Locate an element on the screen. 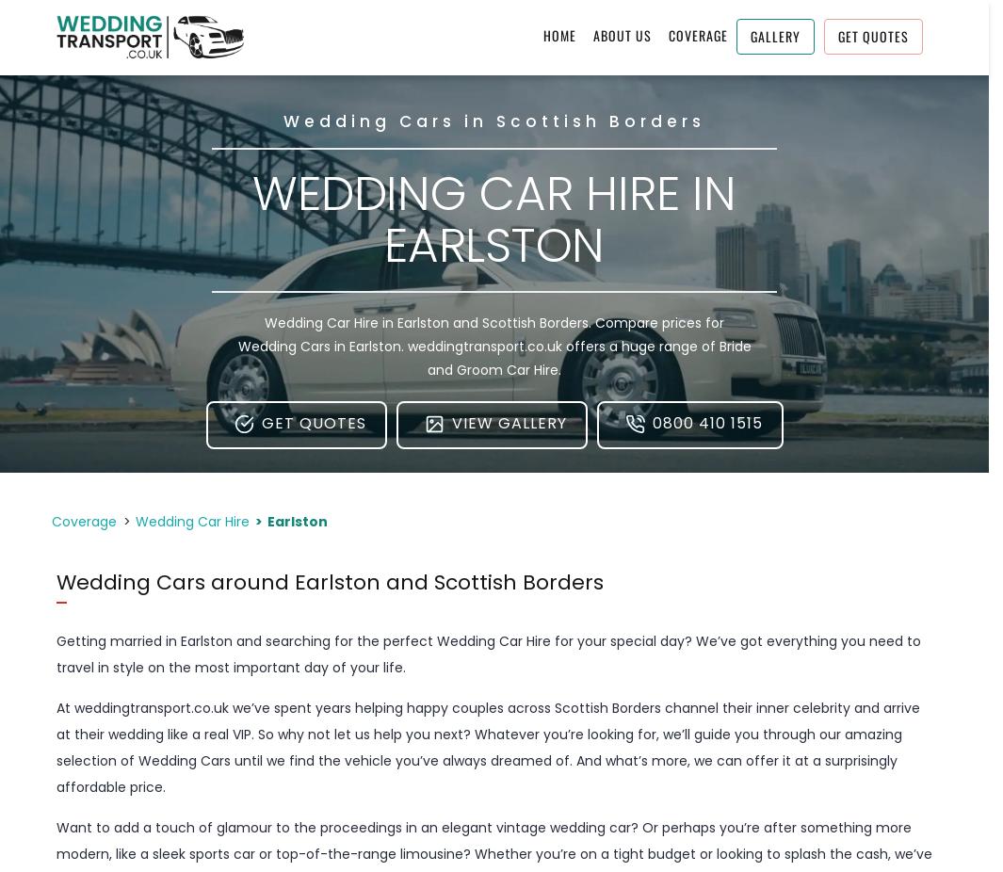 The width and height of the screenshot is (1003, 872). 'Earlston' is located at coordinates (267, 521).